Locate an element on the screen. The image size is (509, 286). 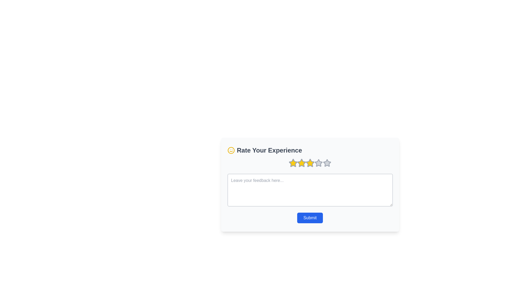
the third yellow star-shaped rating icon with a gray border is located at coordinates (310, 162).